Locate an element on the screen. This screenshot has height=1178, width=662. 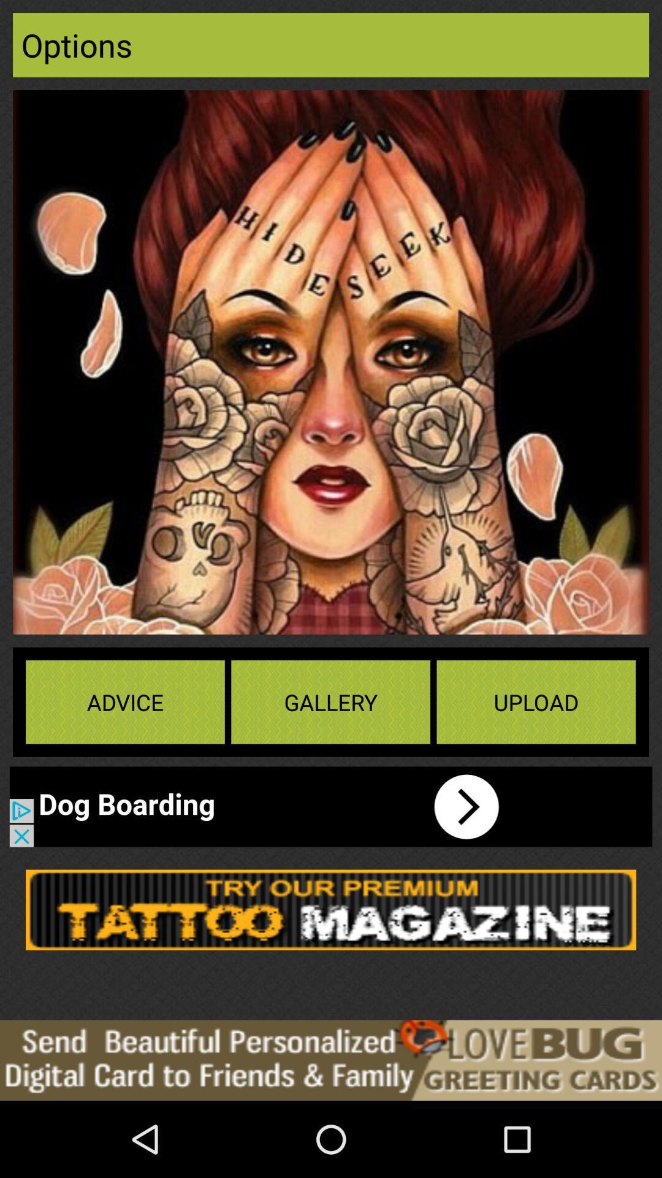
advertising is located at coordinates (331, 1060).